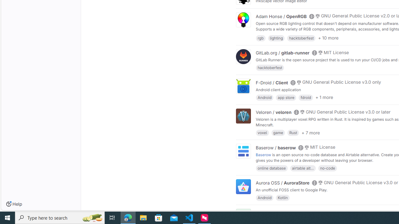  I want to click on 'Adam Honse / OpenRGB', so click(281, 16).